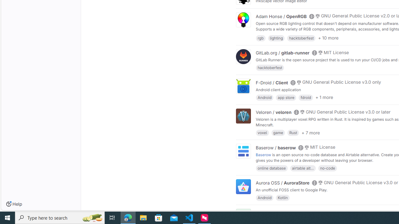  I want to click on 'Adam Honse / OpenRGB', so click(281, 16).